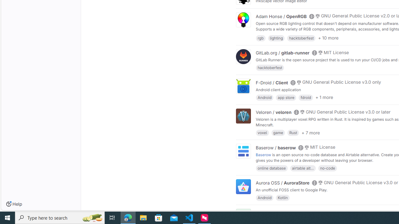  I want to click on 'Adam Honse / OpenRGB', so click(281, 16).